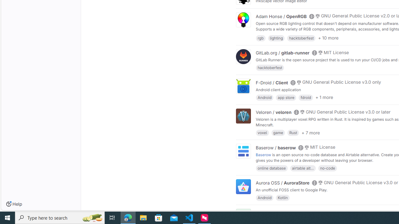  I want to click on 'Adam Honse / OpenRGB', so click(281, 16).